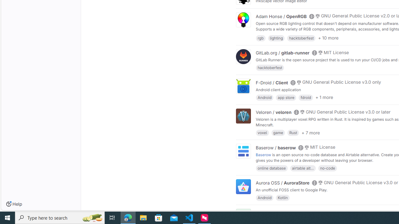  I want to click on 'Adam Honse / OpenRGB', so click(281, 16).